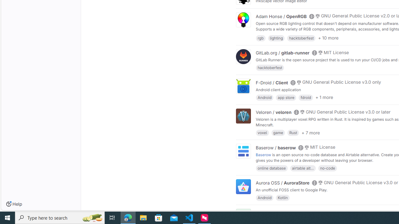  I want to click on 'Adam Honse / OpenRGB', so click(281, 16).